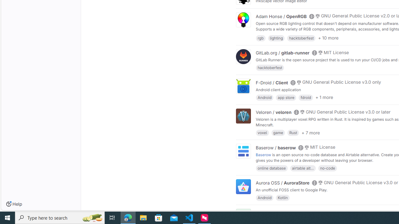  I want to click on 'Adam Honse / OpenRGB', so click(281, 16).